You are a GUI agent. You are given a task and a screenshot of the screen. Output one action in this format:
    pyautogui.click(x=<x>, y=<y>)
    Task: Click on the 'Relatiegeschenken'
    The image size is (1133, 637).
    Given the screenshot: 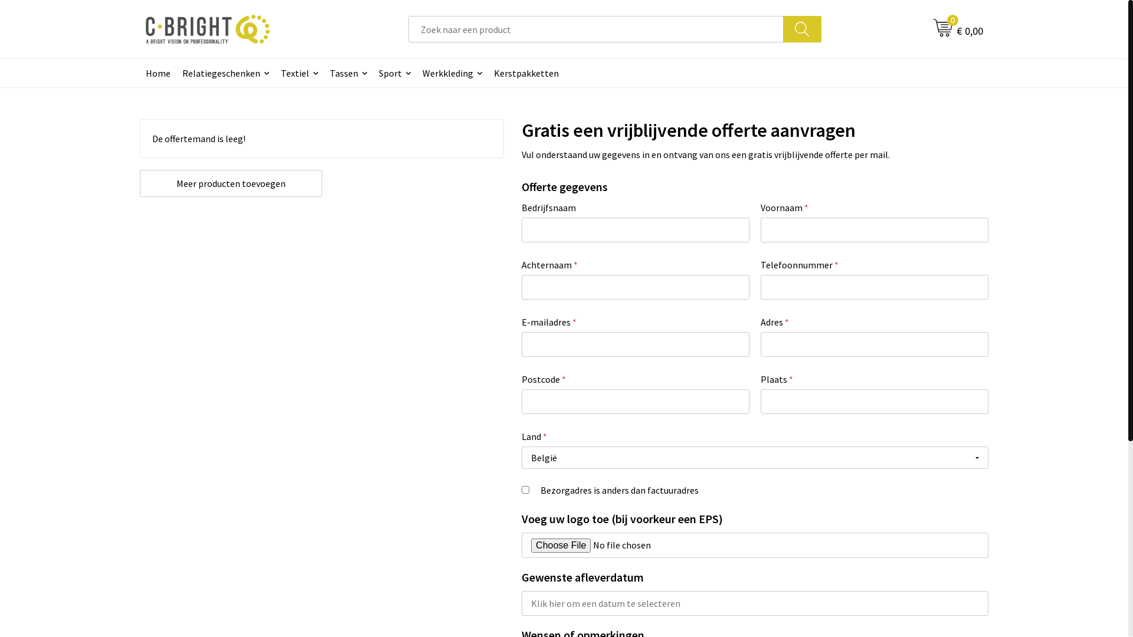 What is the action you would take?
    pyautogui.click(x=225, y=73)
    